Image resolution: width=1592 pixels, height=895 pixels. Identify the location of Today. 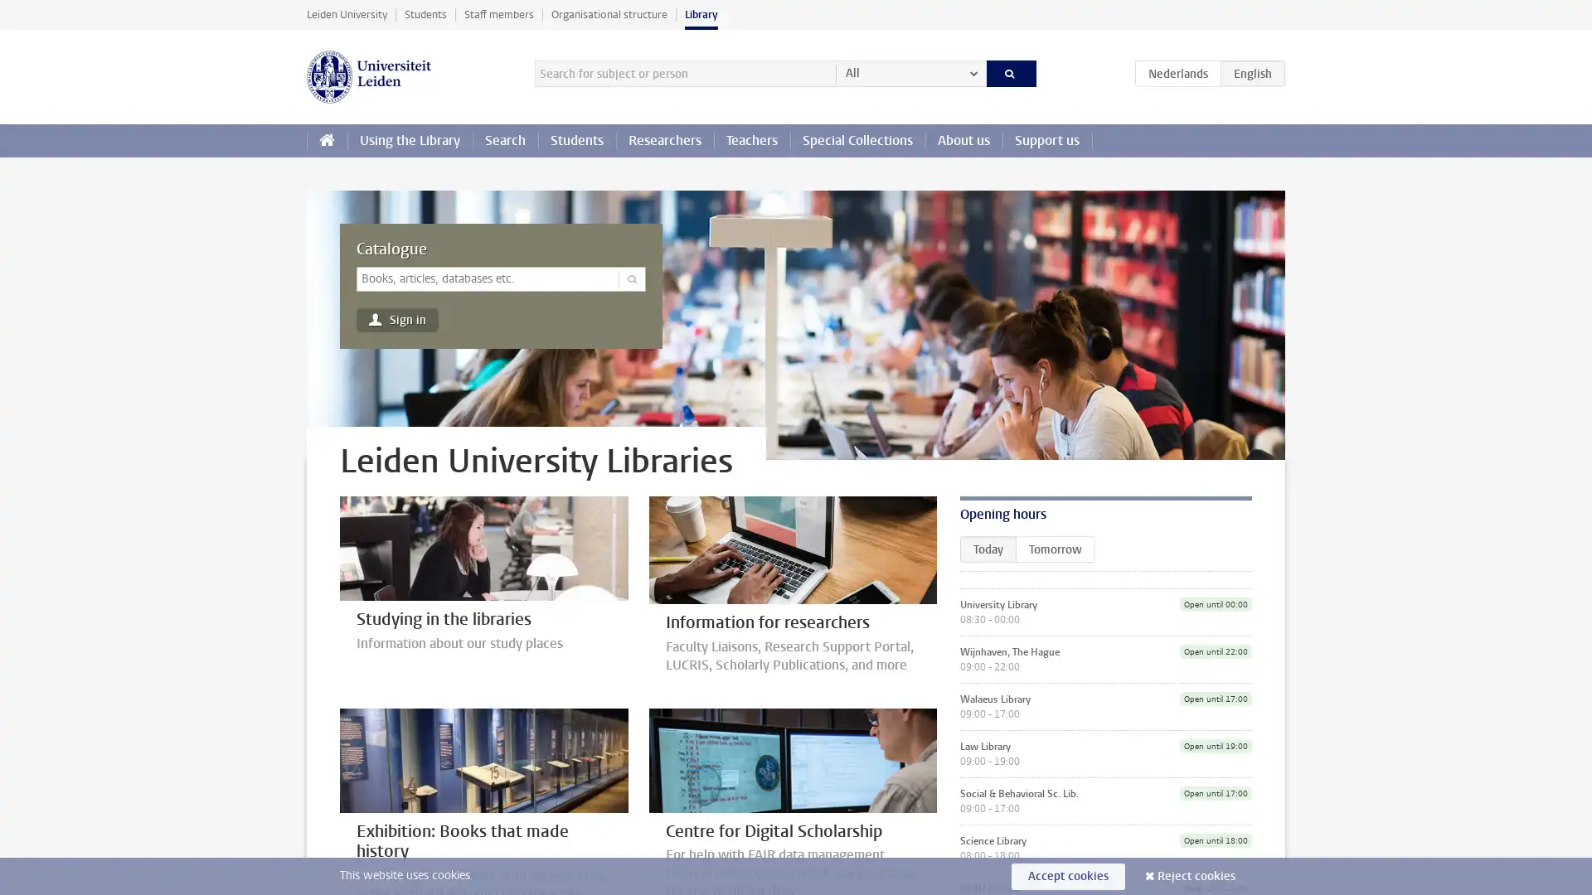
(988, 549).